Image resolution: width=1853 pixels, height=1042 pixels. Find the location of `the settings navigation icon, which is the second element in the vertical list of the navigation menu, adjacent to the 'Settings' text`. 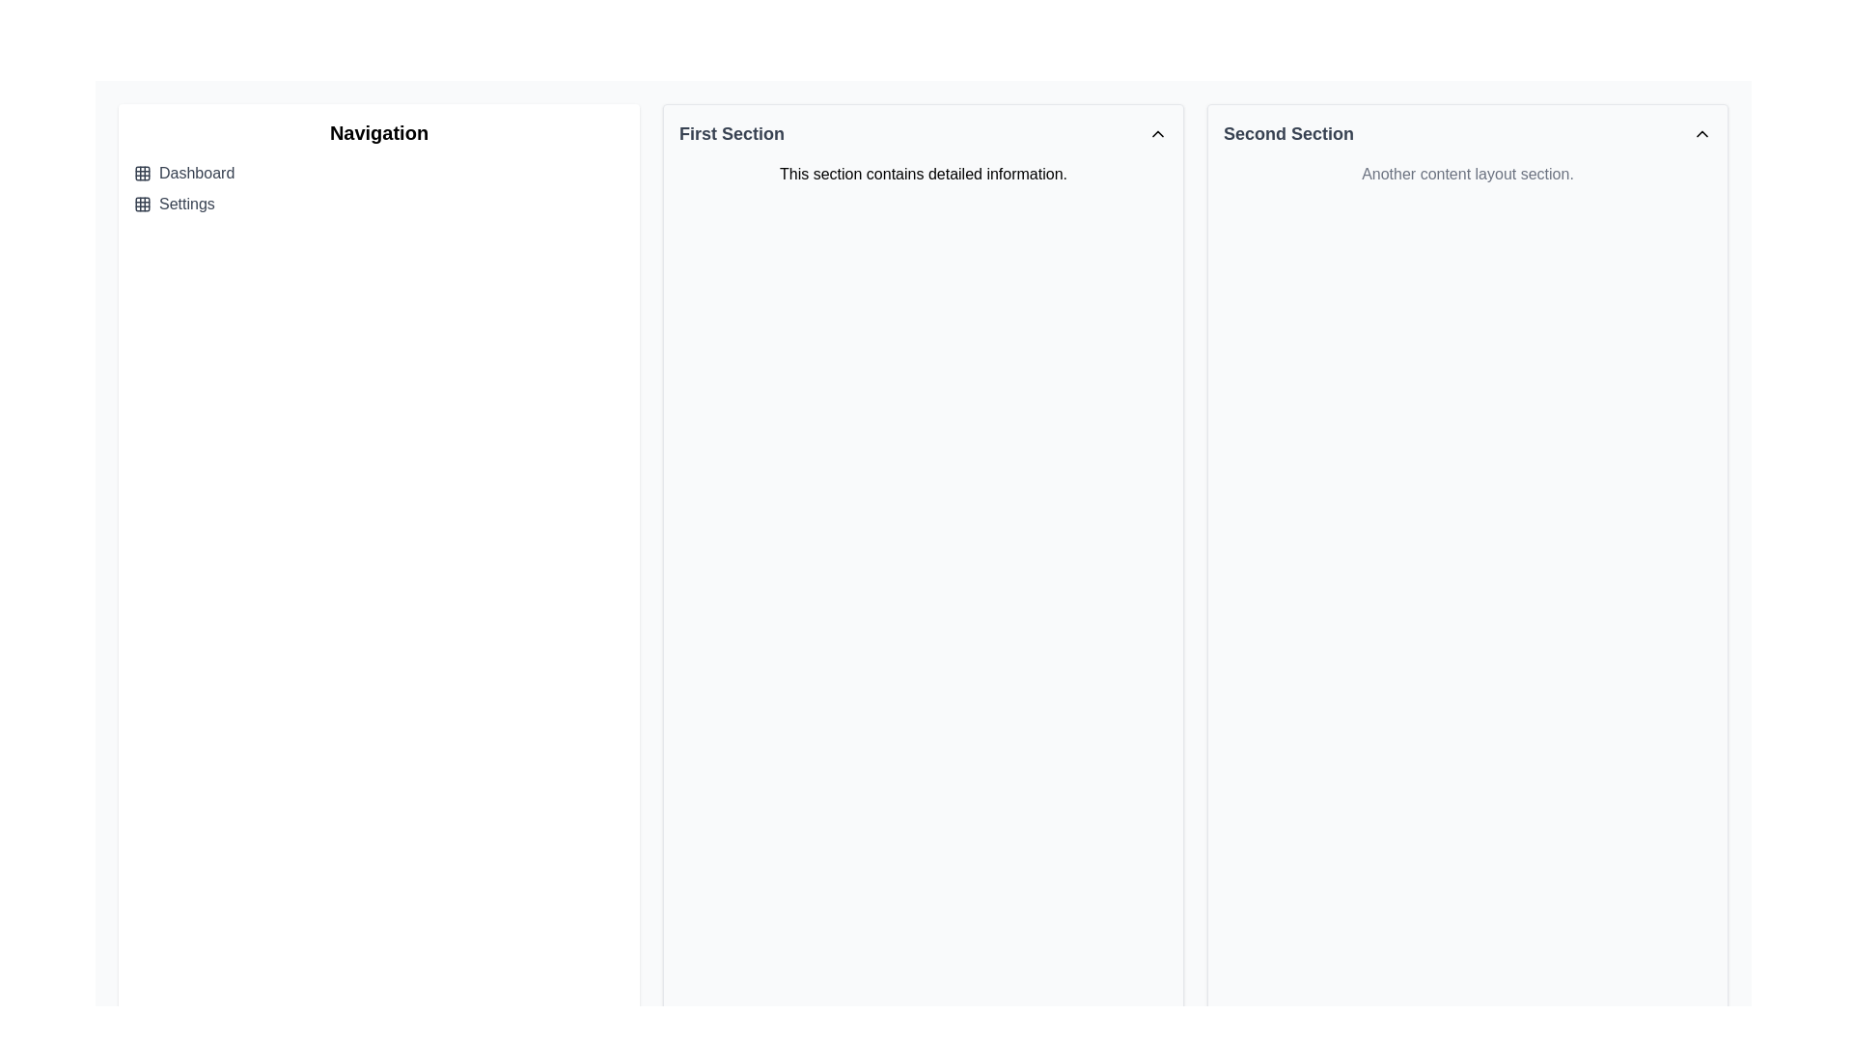

the settings navigation icon, which is the second element in the vertical list of the navigation menu, adjacent to the 'Settings' text is located at coordinates (142, 205).